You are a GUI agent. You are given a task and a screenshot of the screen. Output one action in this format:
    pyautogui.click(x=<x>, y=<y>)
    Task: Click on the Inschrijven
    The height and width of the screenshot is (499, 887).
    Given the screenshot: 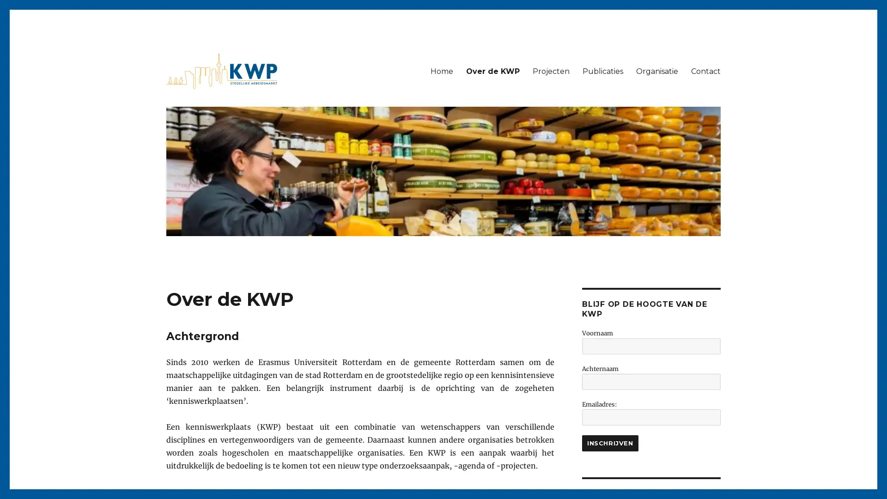 What is the action you would take?
    pyautogui.click(x=610, y=443)
    